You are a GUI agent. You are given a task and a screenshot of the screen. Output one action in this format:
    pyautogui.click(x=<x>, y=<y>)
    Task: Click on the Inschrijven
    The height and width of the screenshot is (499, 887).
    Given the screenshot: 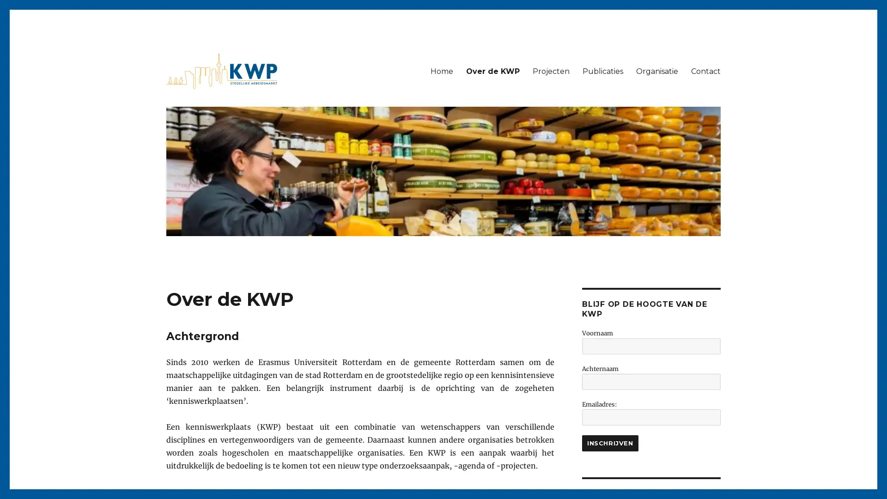 What is the action you would take?
    pyautogui.click(x=610, y=443)
    